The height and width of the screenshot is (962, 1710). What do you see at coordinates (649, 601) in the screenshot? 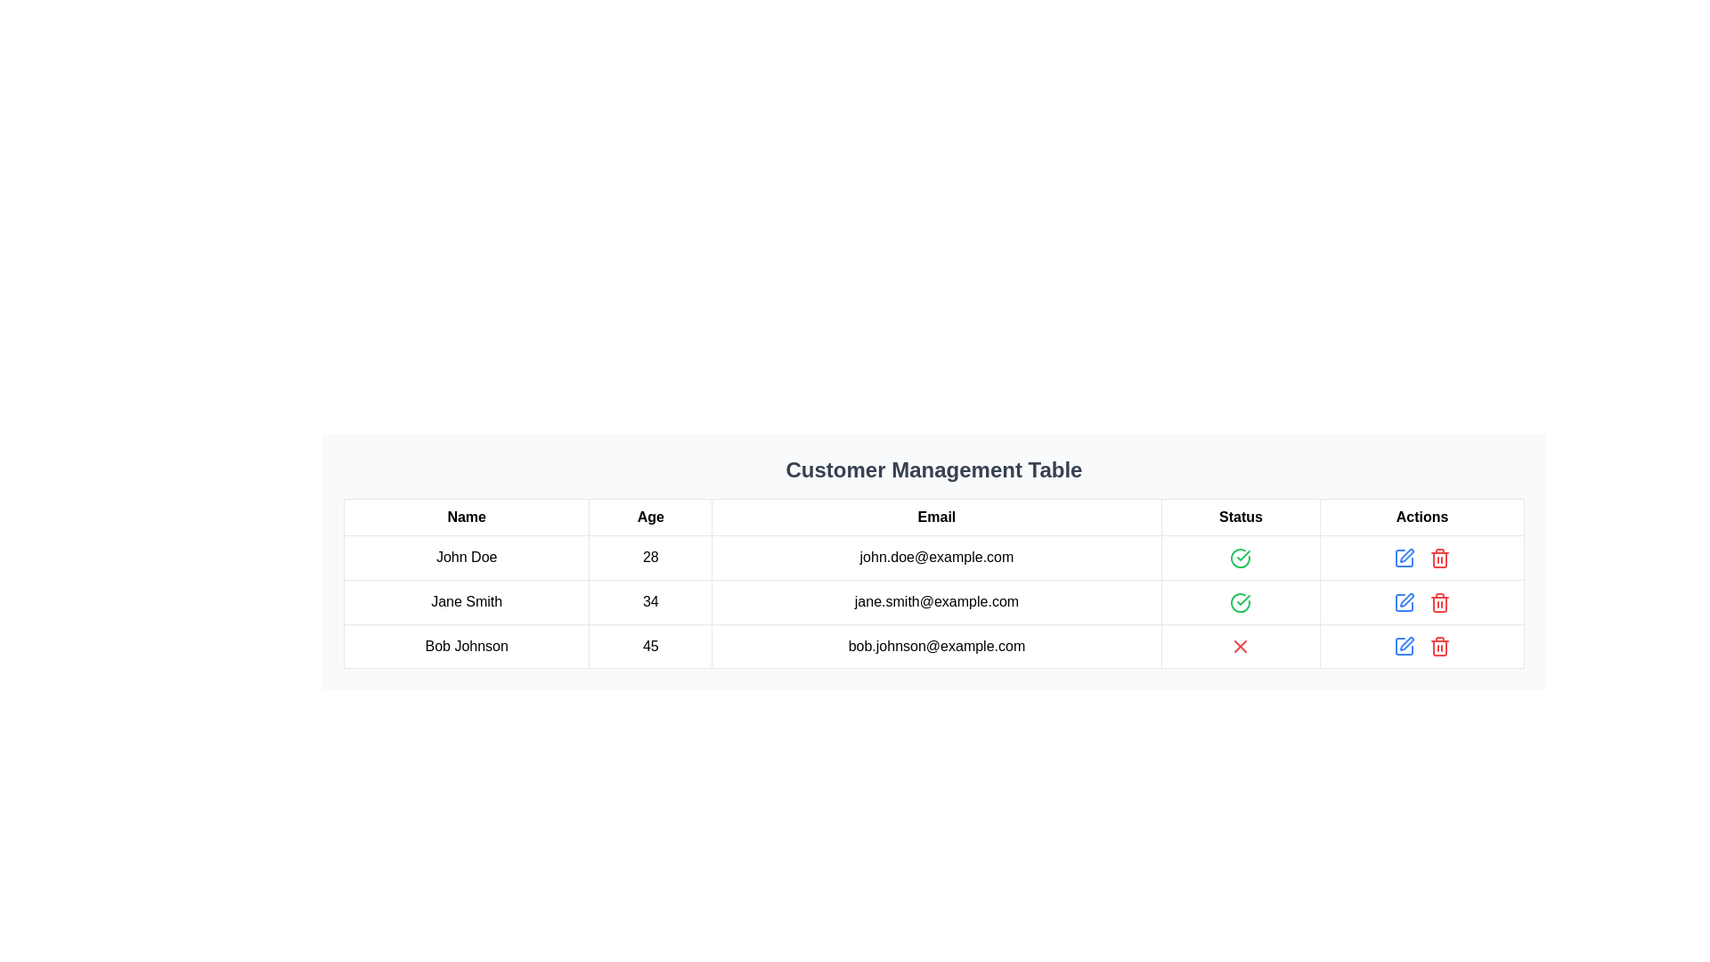
I see `the Text cell displaying the age of the user 'Jane Smith' in the second column of the second row of the table` at bounding box center [649, 601].